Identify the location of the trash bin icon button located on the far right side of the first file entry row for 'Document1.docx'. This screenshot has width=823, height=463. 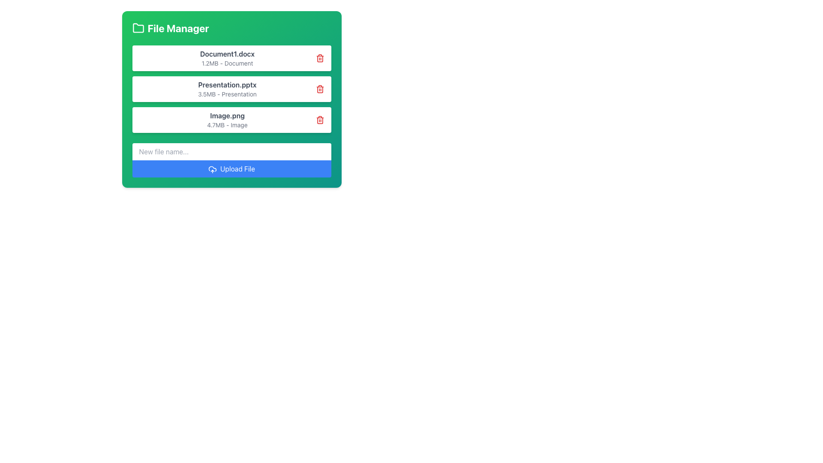
(319, 58).